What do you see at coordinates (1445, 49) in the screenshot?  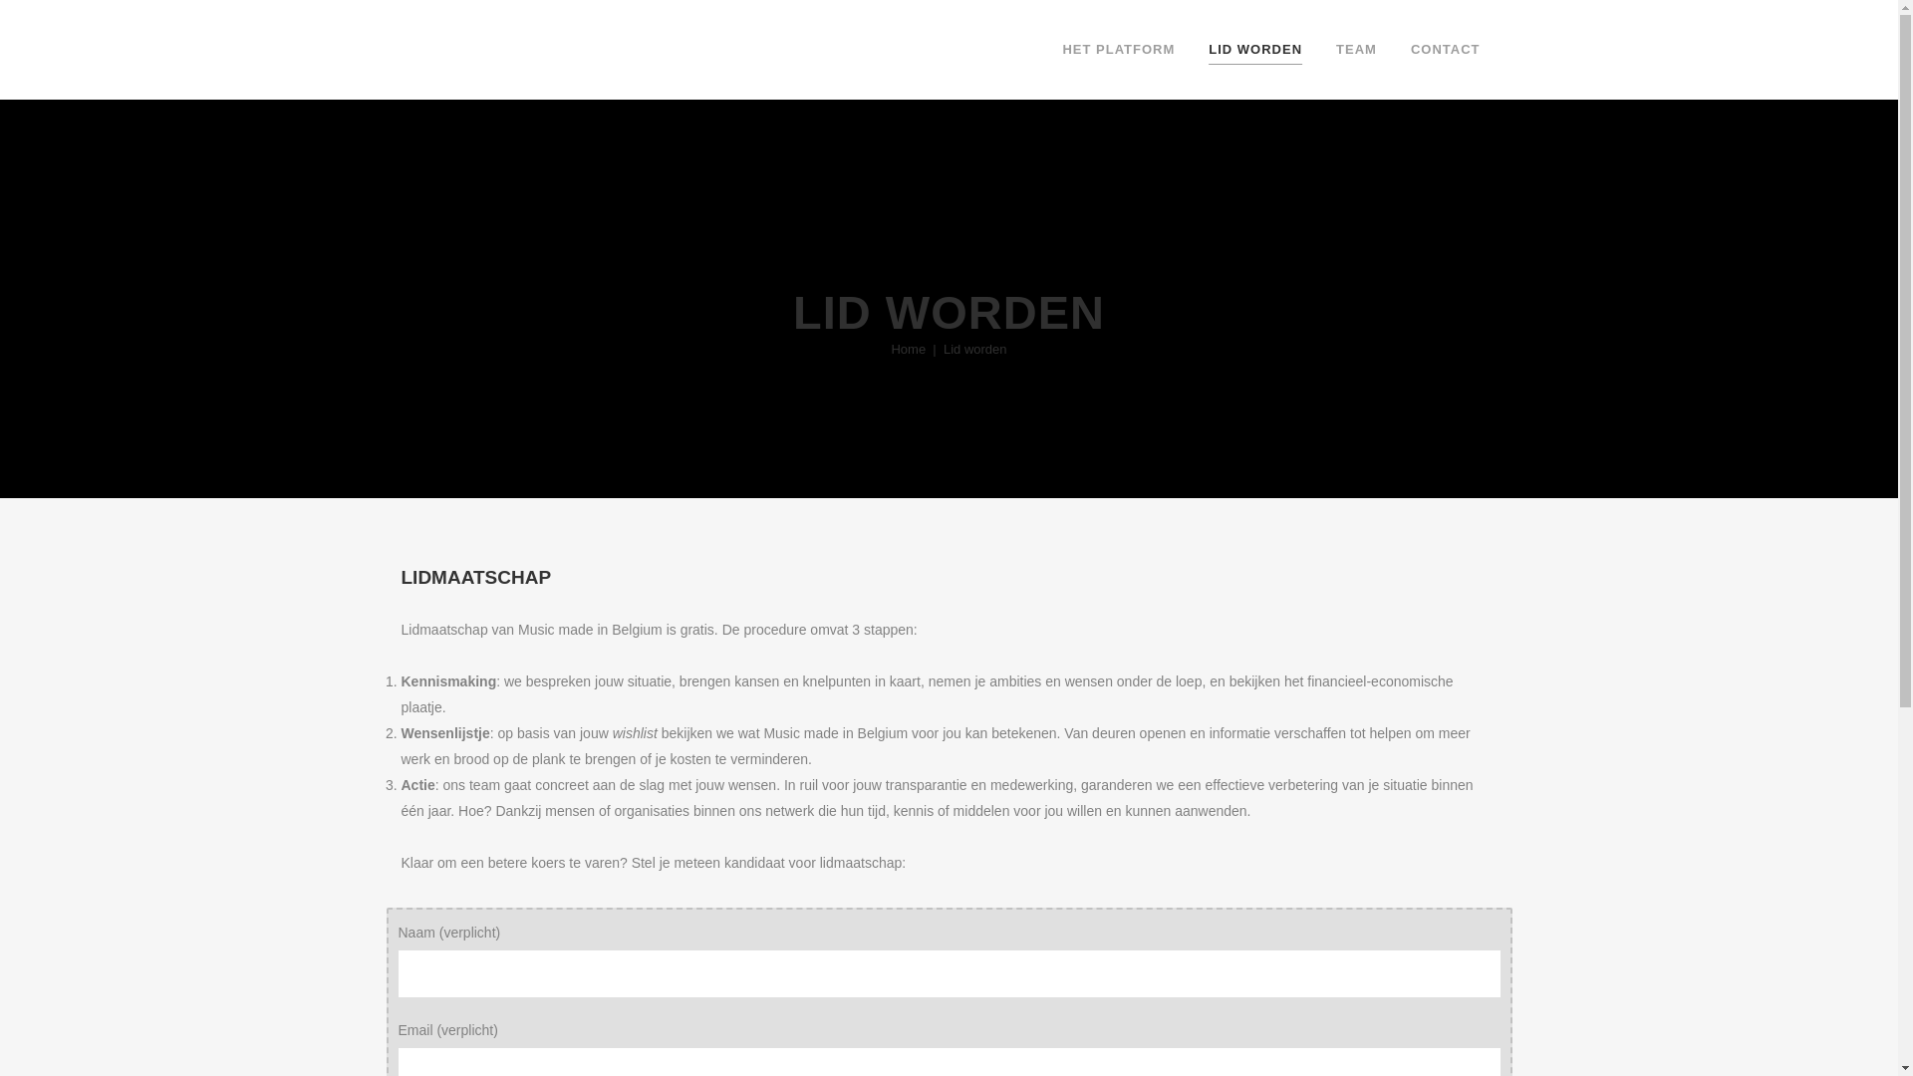 I see `'CONTACT'` at bounding box center [1445, 49].